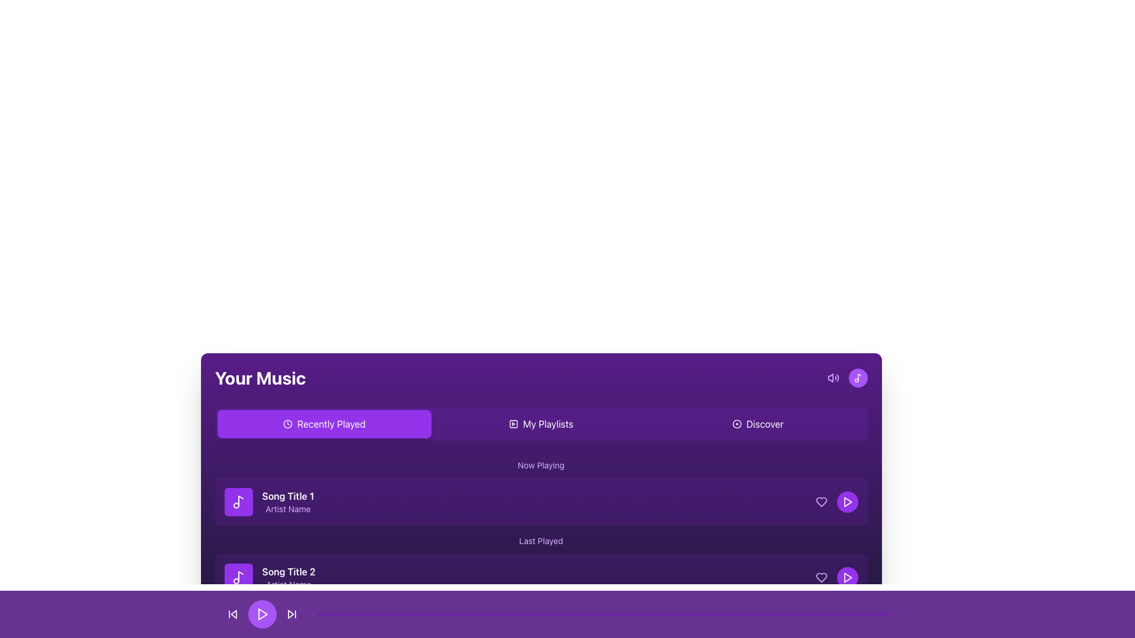  What do you see at coordinates (324, 423) in the screenshot?
I see `the 'Recently Played' button, which is the first button in a navigation bar that allows users` at bounding box center [324, 423].